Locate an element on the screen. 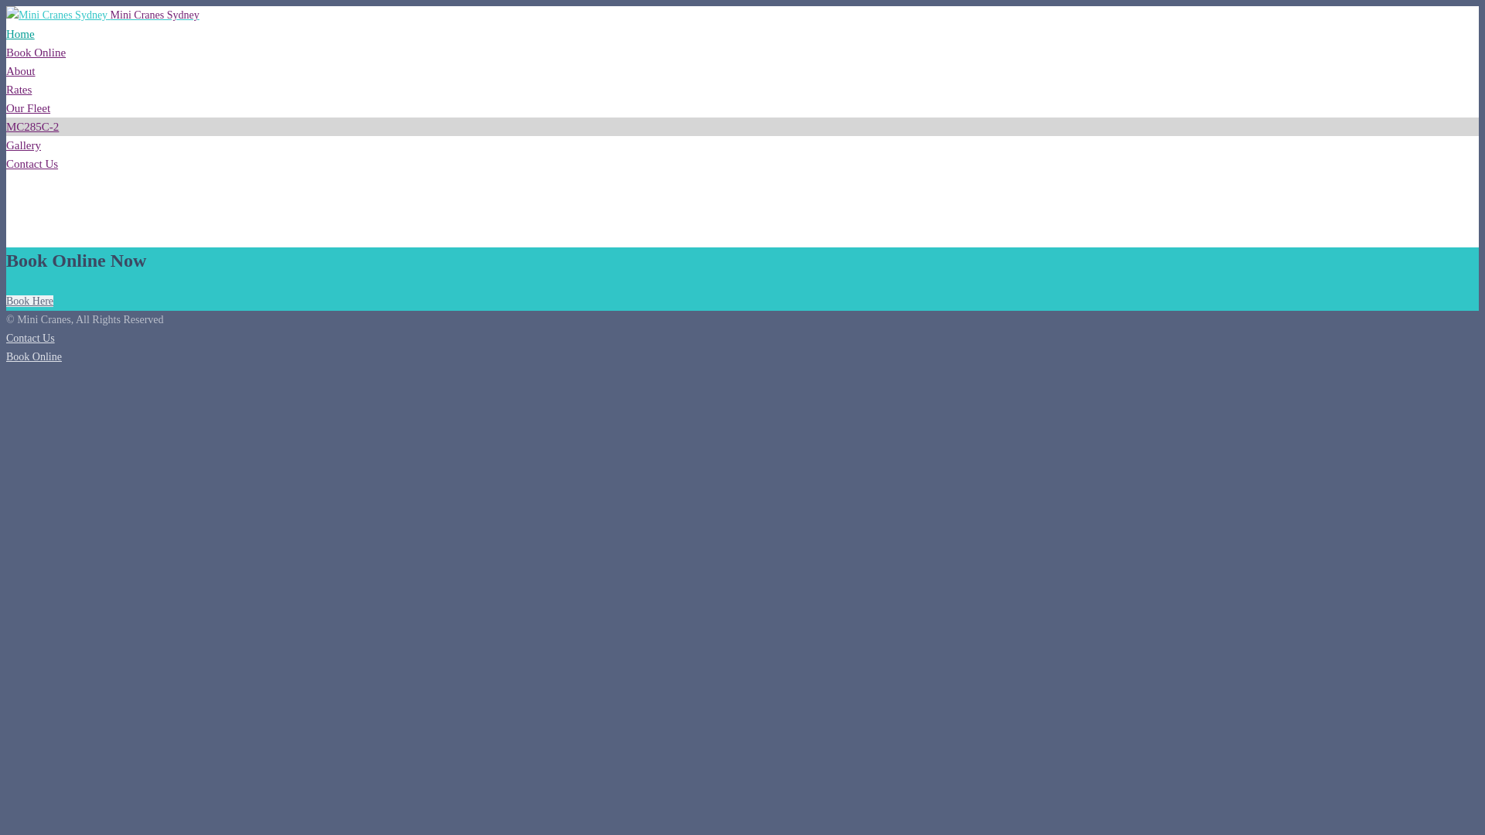  'Home' is located at coordinates (20, 33).